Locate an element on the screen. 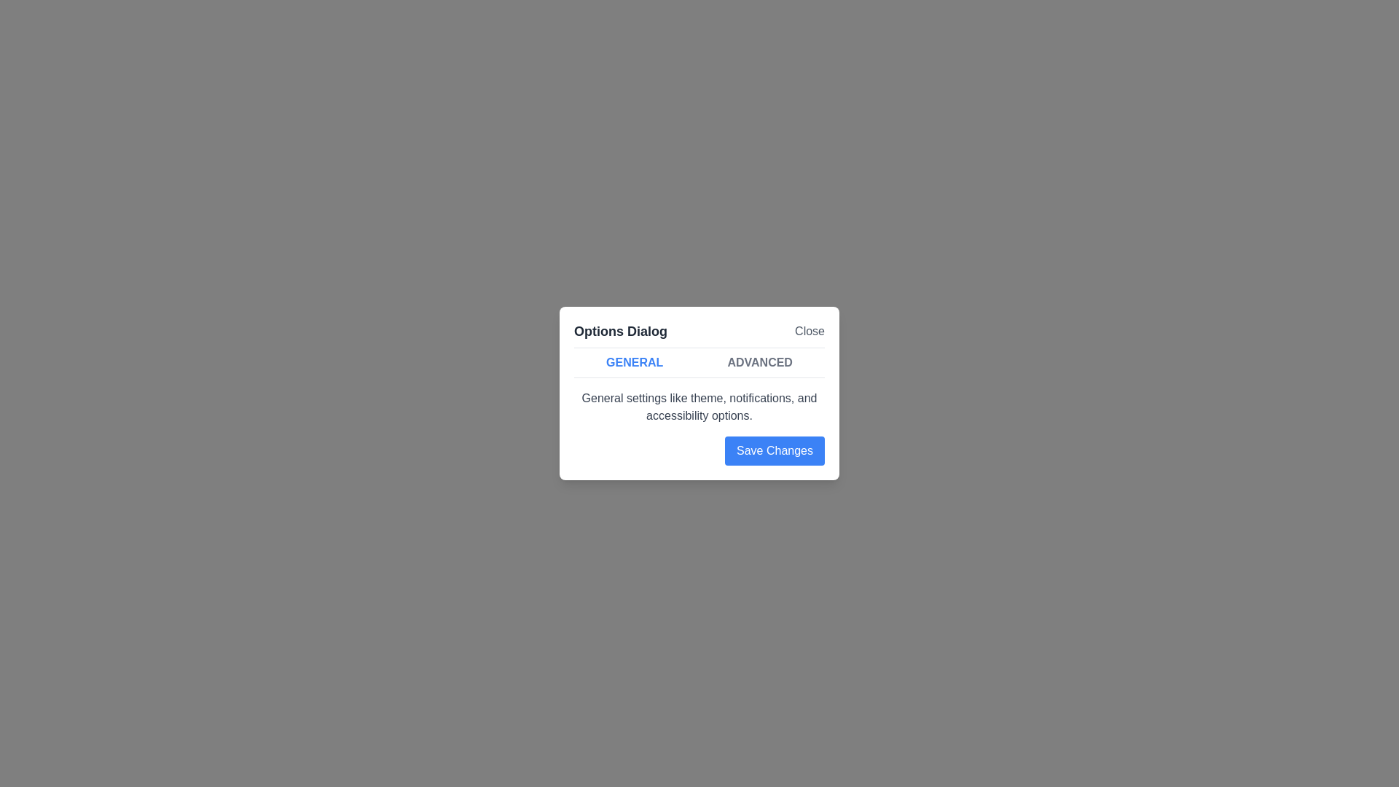  the 'Advanced' tab to switch to it is located at coordinates (759, 361).